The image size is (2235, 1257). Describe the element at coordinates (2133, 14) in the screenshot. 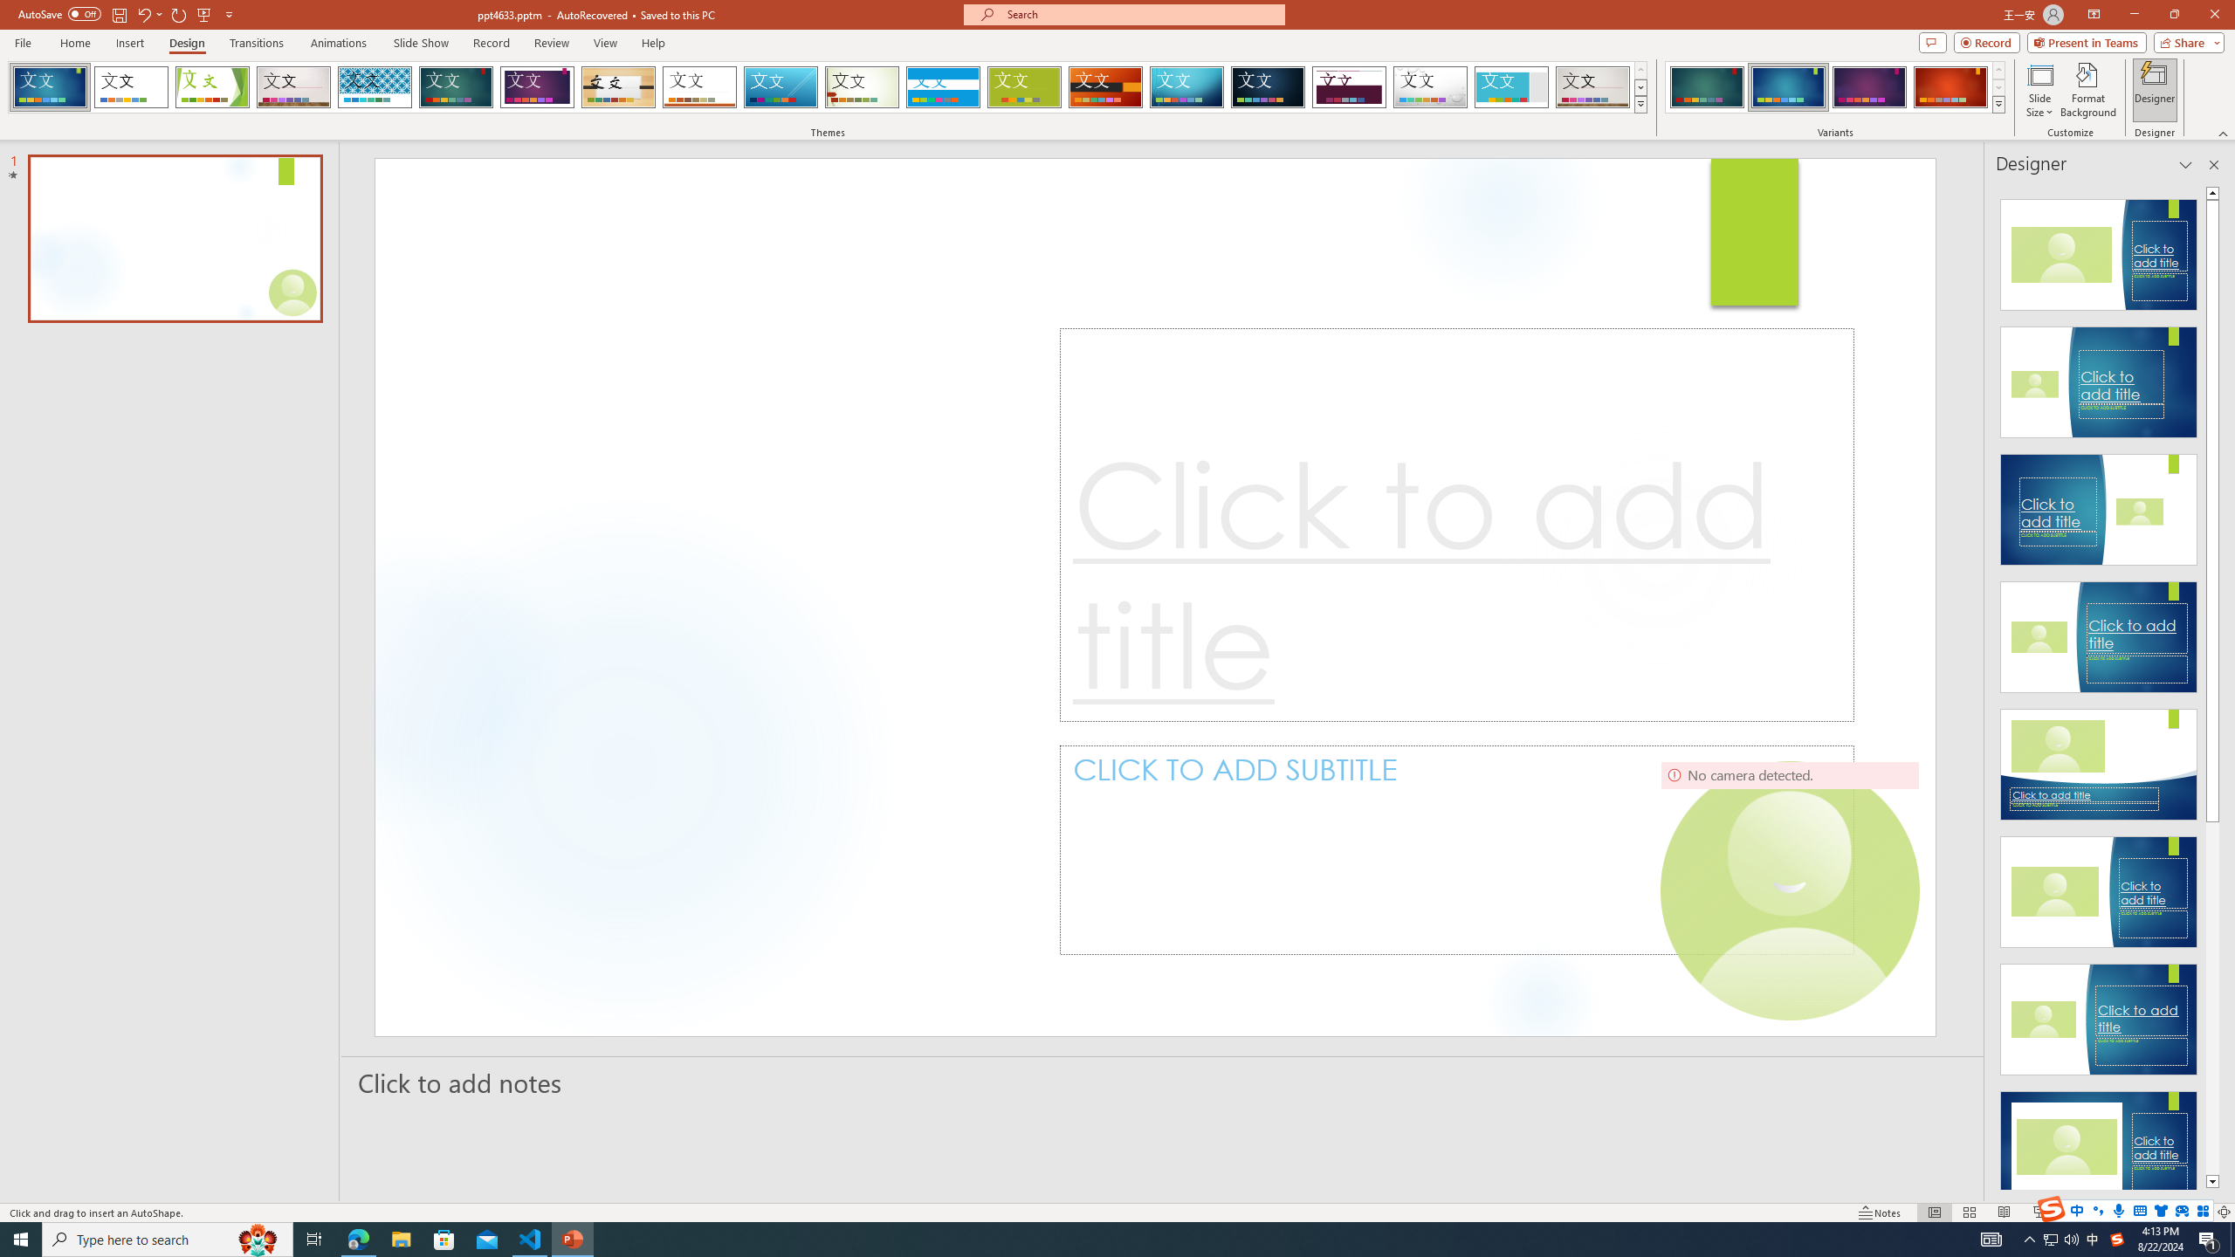

I see `'Minimize'` at that location.